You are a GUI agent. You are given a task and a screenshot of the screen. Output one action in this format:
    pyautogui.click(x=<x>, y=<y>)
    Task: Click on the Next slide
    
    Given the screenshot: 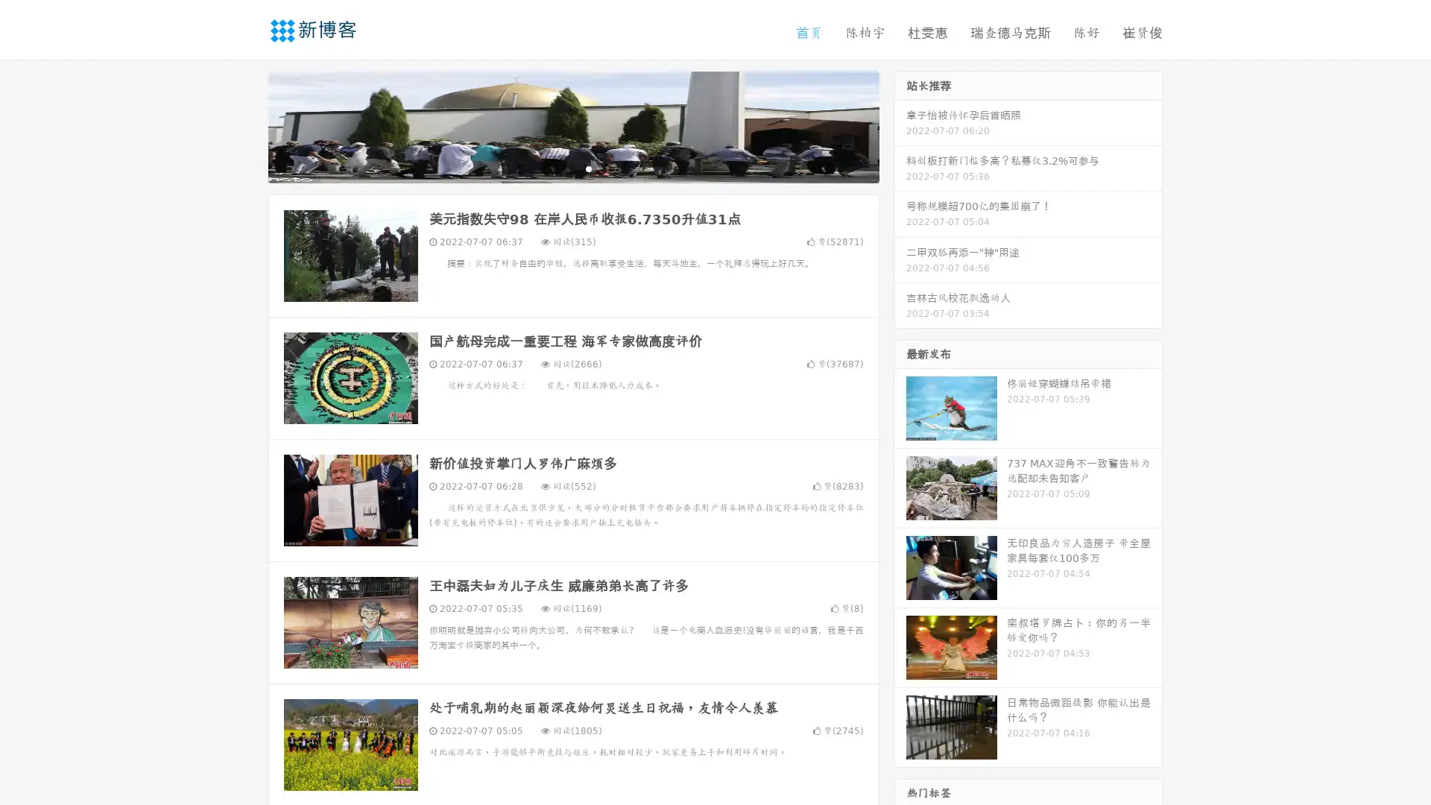 What is the action you would take?
    pyautogui.click(x=900, y=125)
    